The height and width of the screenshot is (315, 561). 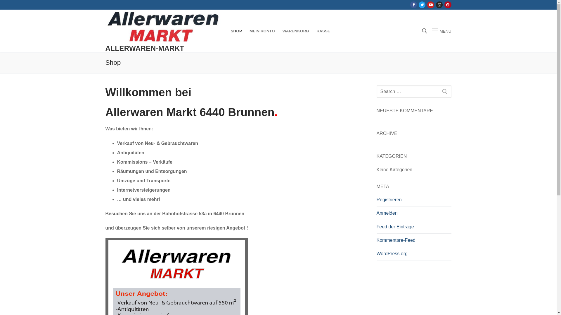 I want to click on 'Facebook', so click(x=413, y=5).